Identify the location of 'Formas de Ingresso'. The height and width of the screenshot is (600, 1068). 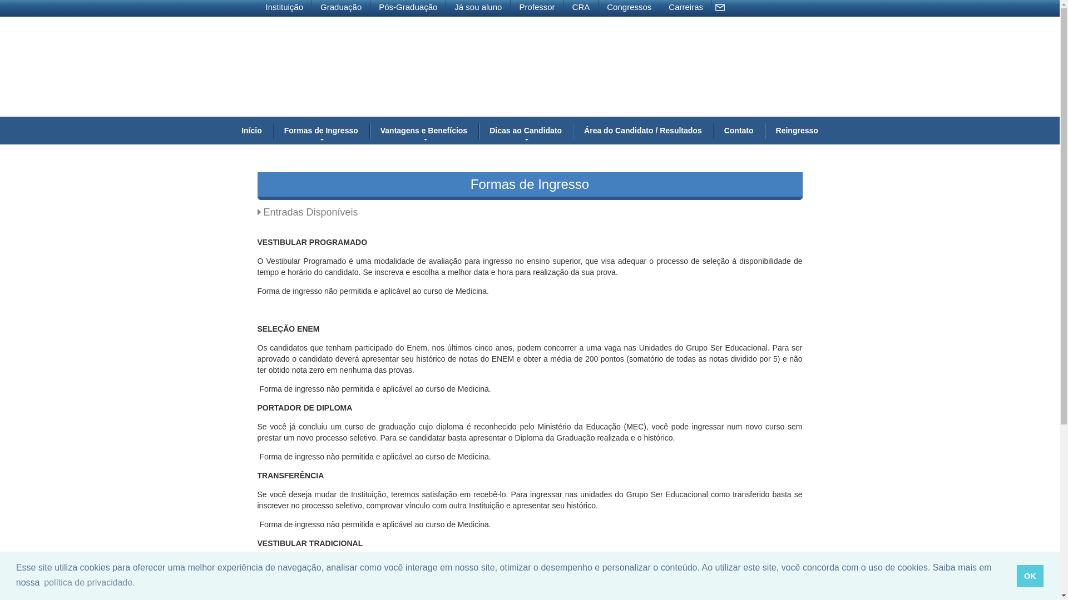
(273, 130).